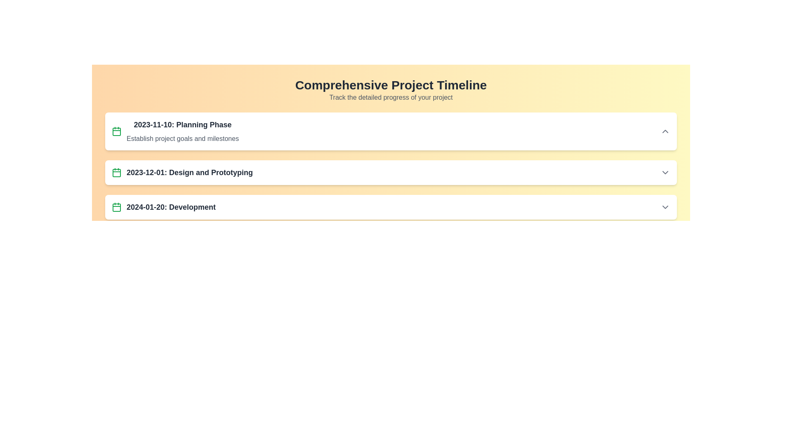 The image size is (792, 445). What do you see at coordinates (189, 172) in the screenshot?
I see `the text label displaying '2023-12-01: Design and Prototyping' located in the middle of the vertical timeline list` at bounding box center [189, 172].